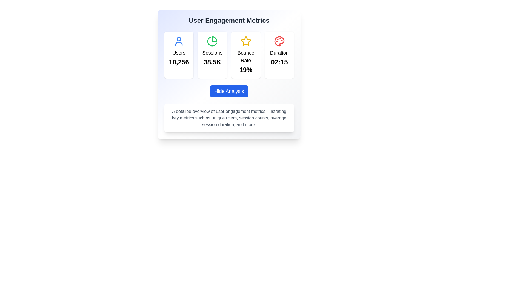 The height and width of the screenshot is (296, 526). What do you see at coordinates (214, 39) in the screenshot?
I see `the top-left segment of the pie chart icon, which is part of a group of four icons representing the 'Sessions' statistic` at bounding box center [214, 39].